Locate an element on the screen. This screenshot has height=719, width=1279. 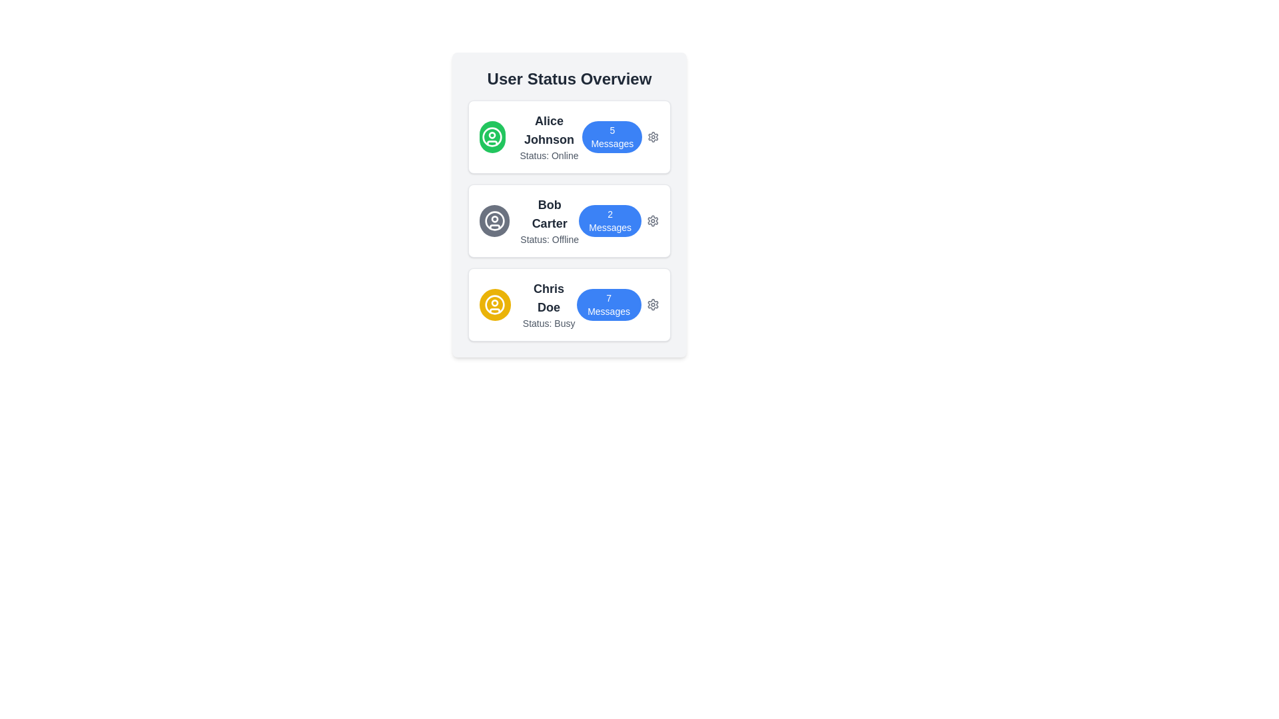
the user avatar representing 'Bob Carter', located in the second row of the user status list is located at coordinates (494, 220).